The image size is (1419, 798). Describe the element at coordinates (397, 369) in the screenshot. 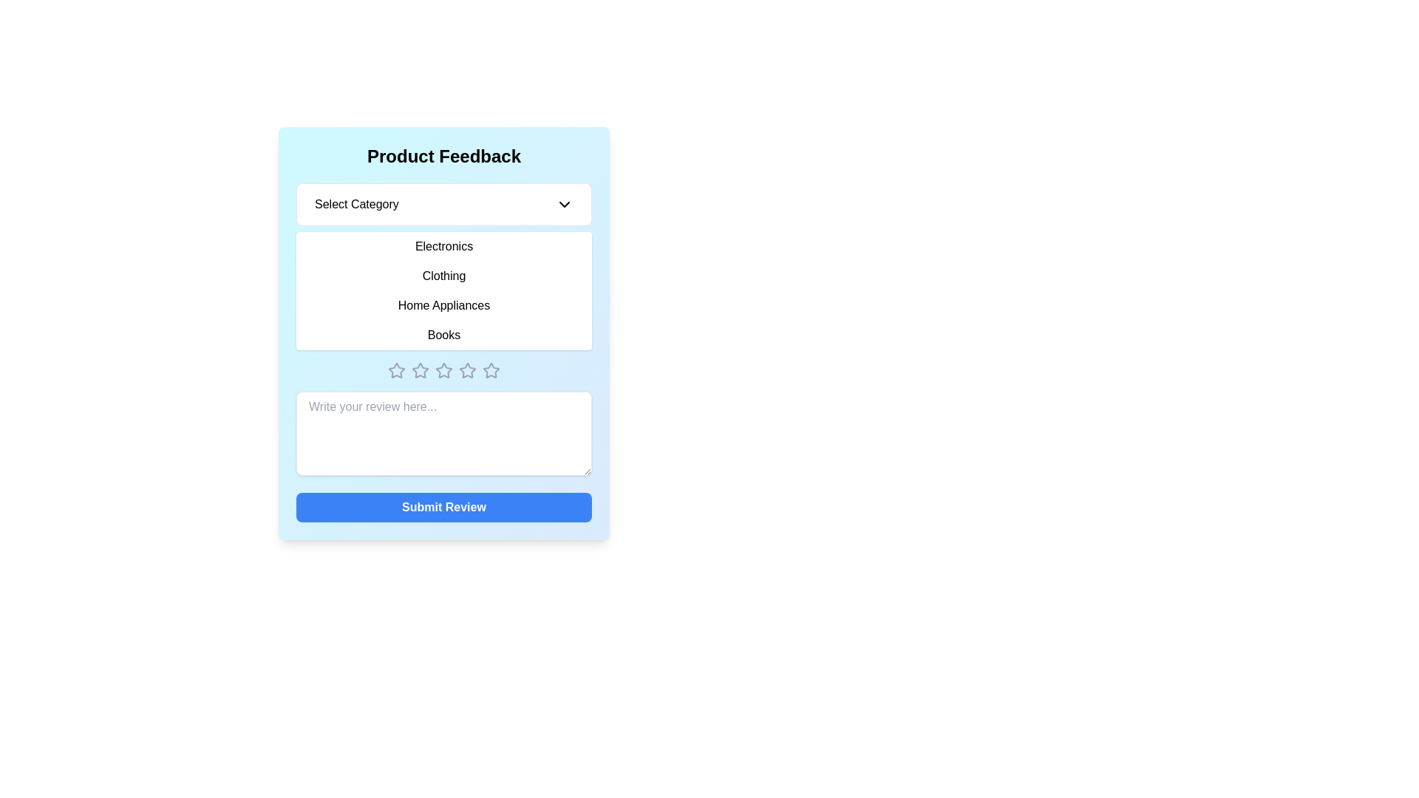

I see `the first star-shaped icon in the row of rating stars` at that location.